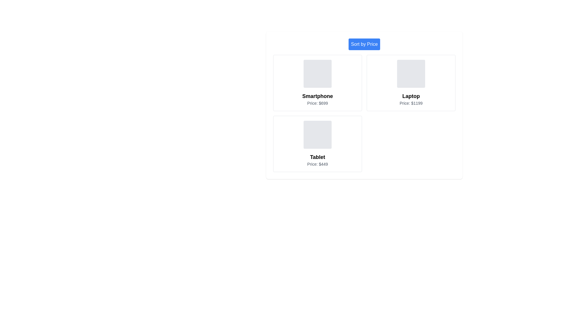 This screenshot has height=315, width=561. What do you see at coordinates (317, 83) in the screenshot?
I see `the product card for Smartphone` at bounding box center [317, 83].